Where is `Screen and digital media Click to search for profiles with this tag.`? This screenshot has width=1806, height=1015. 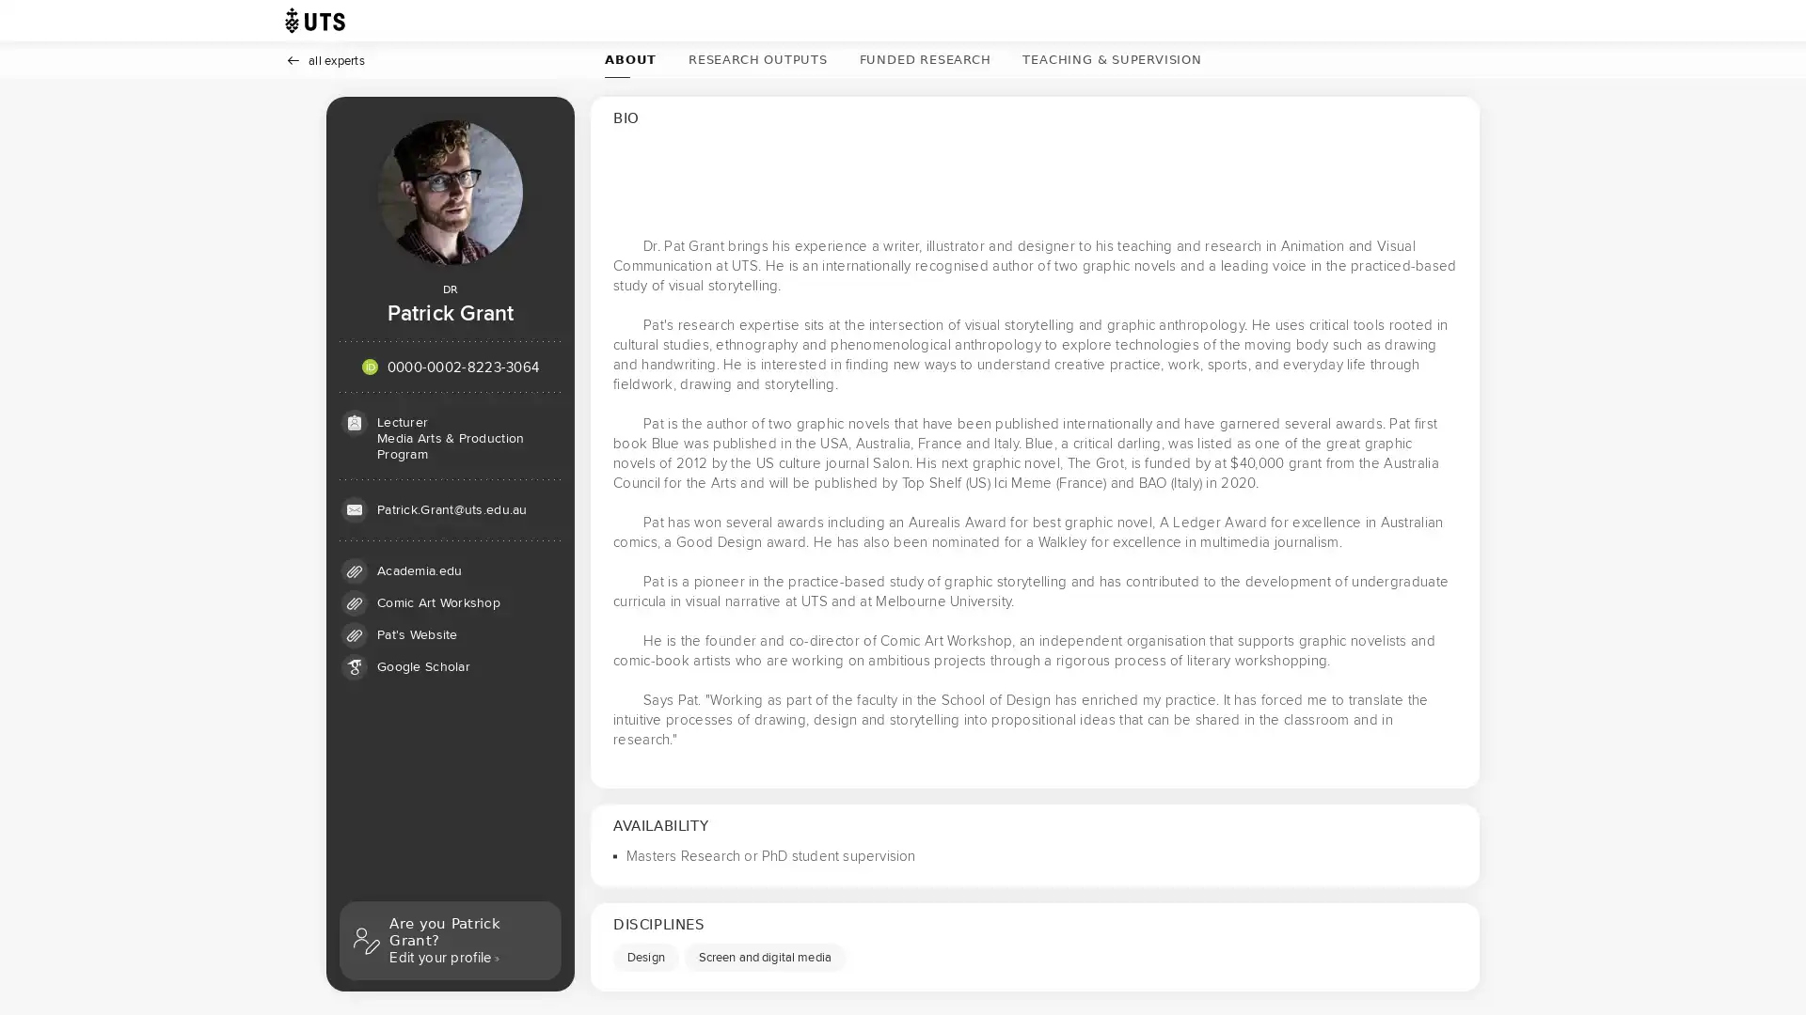 Screen and digital media Click to search for profiles with this tag. is located at coordinates (764, 957).